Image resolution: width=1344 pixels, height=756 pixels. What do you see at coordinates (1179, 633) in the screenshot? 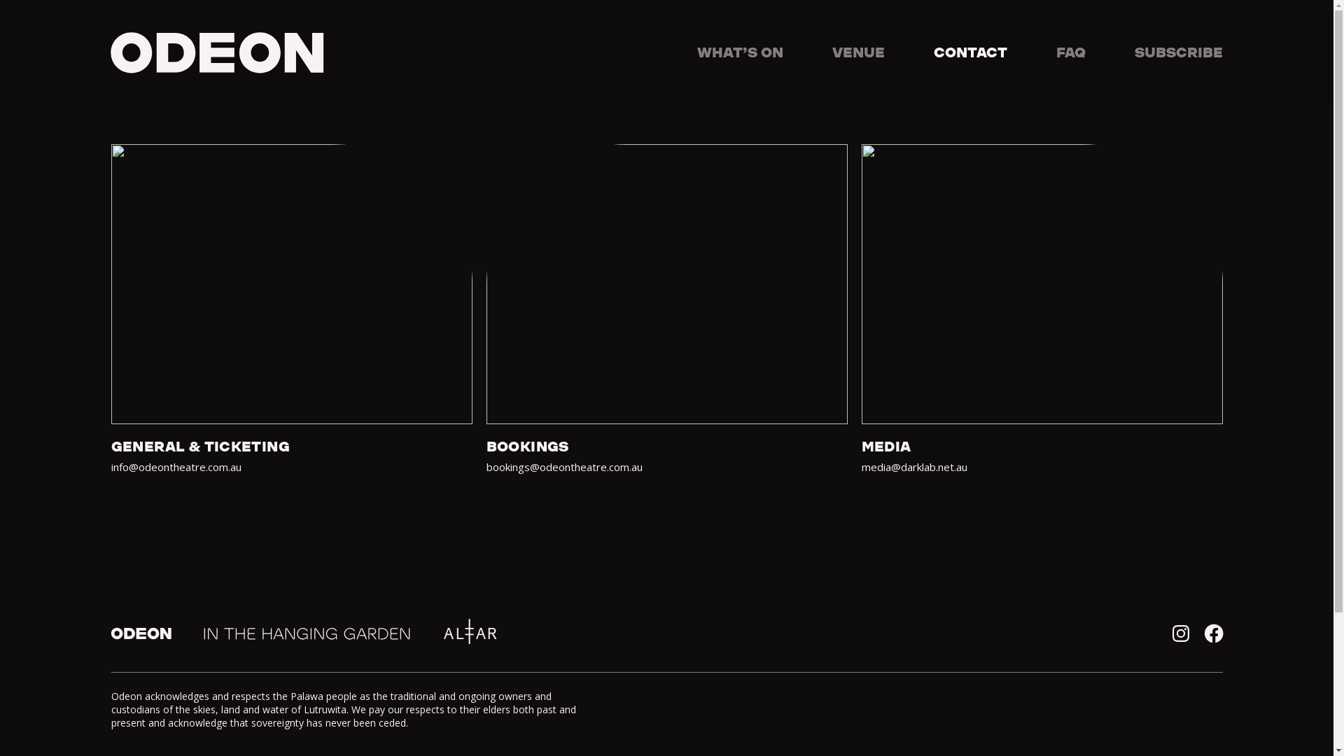
I see `'Instagram'` at bounding box center [1179, 633].